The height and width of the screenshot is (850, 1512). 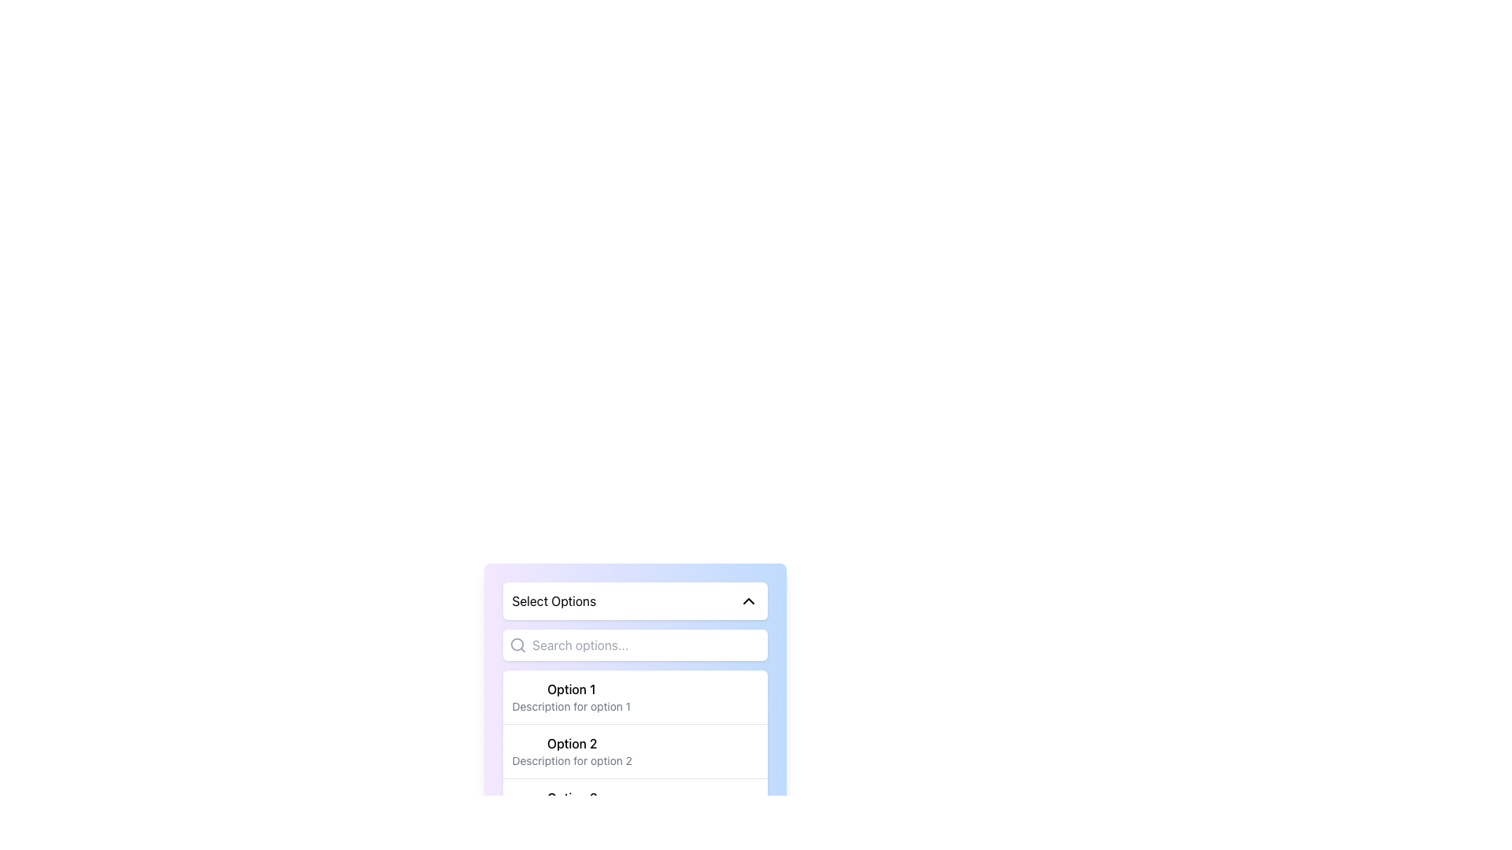 I want to click on the second option in the dropdown menu, so click(x=635, y=750).